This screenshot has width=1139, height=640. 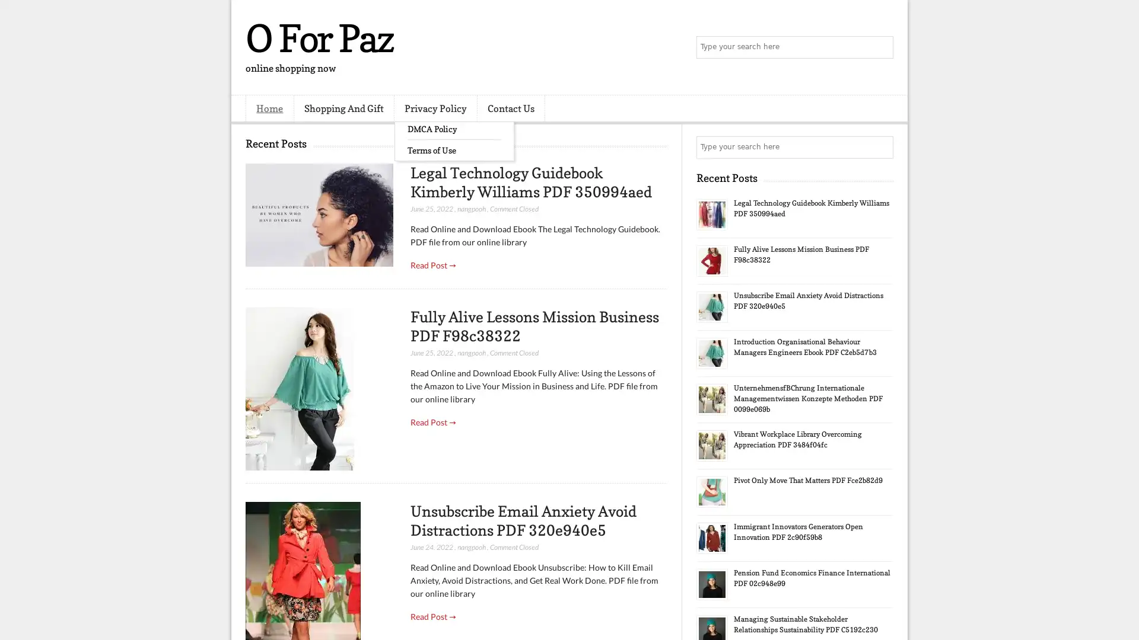 I want to click on Search, so click(x=881, y=47).